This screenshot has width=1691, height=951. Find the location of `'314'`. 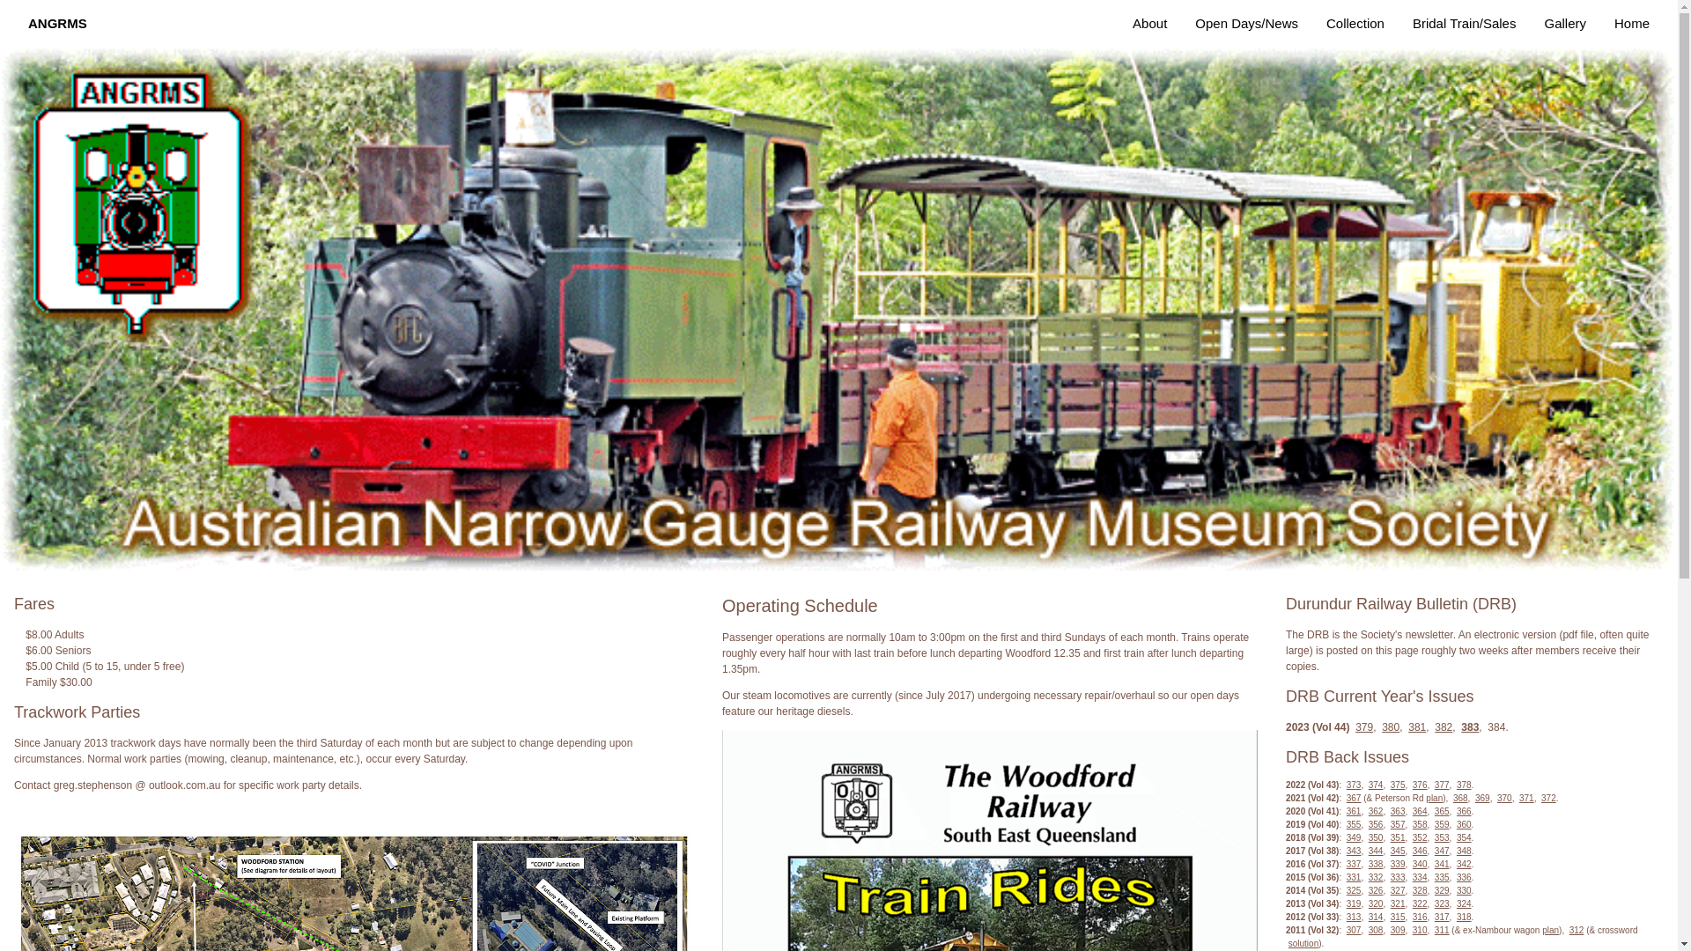

'314' is located at coordinates (1375, 916).